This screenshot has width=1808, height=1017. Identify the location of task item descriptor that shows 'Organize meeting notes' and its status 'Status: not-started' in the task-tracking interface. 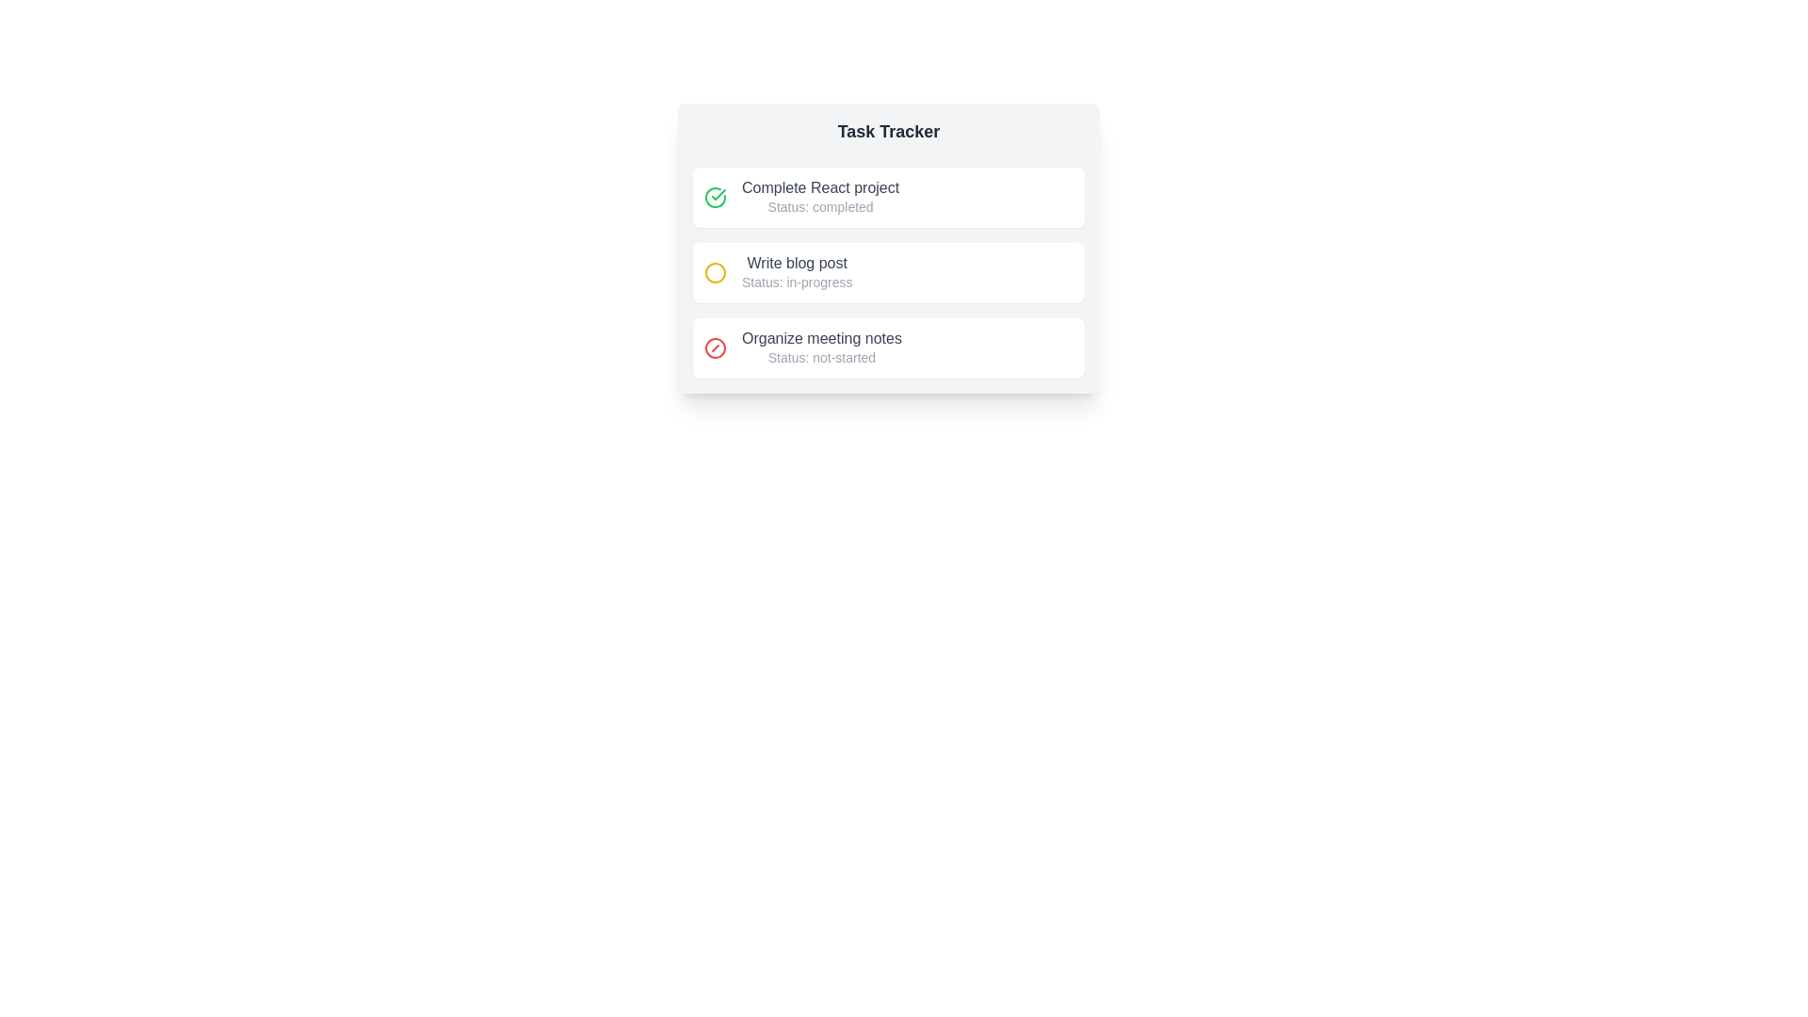
(822, 348).